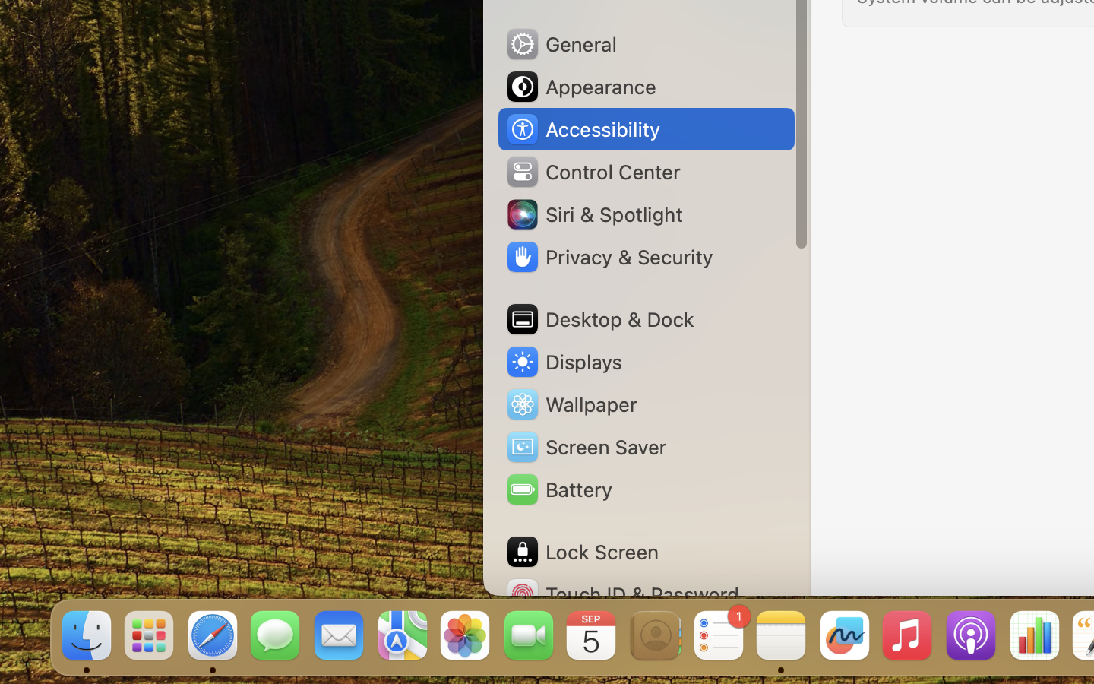  I want to click on 'Touch ID & Password', so click(622, 594).